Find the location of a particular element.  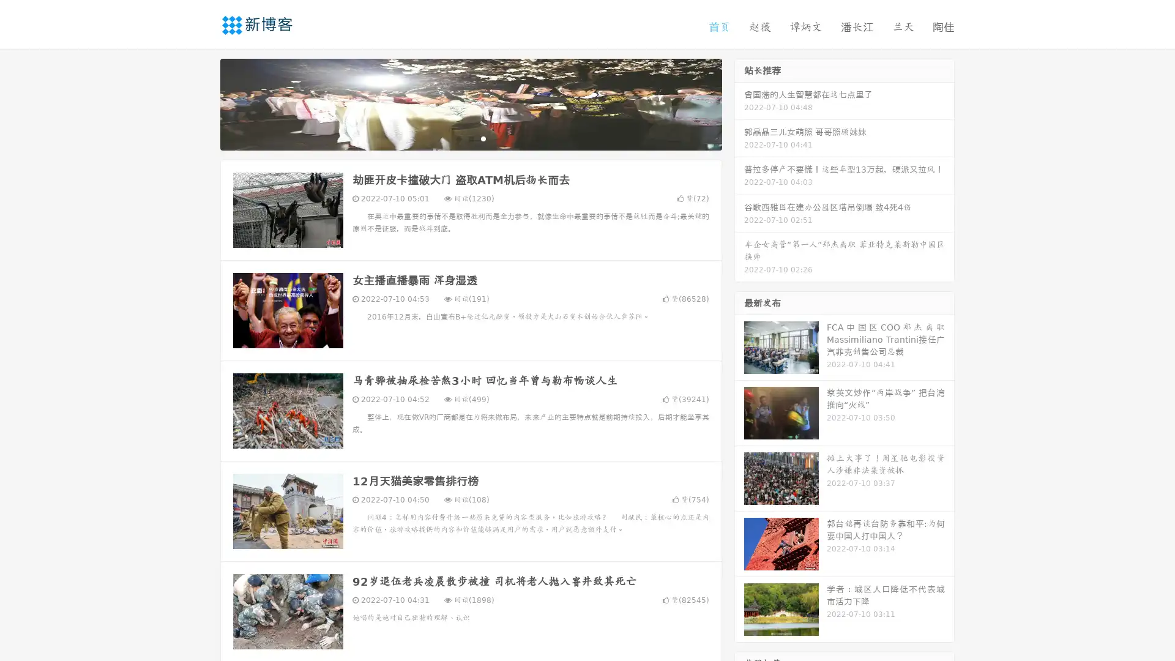

Go to slide 1 is located at coordinates (458, 138).